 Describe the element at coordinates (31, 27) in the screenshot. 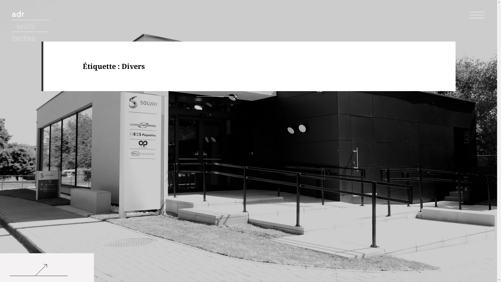

I see `'adr architectes'` at that location.